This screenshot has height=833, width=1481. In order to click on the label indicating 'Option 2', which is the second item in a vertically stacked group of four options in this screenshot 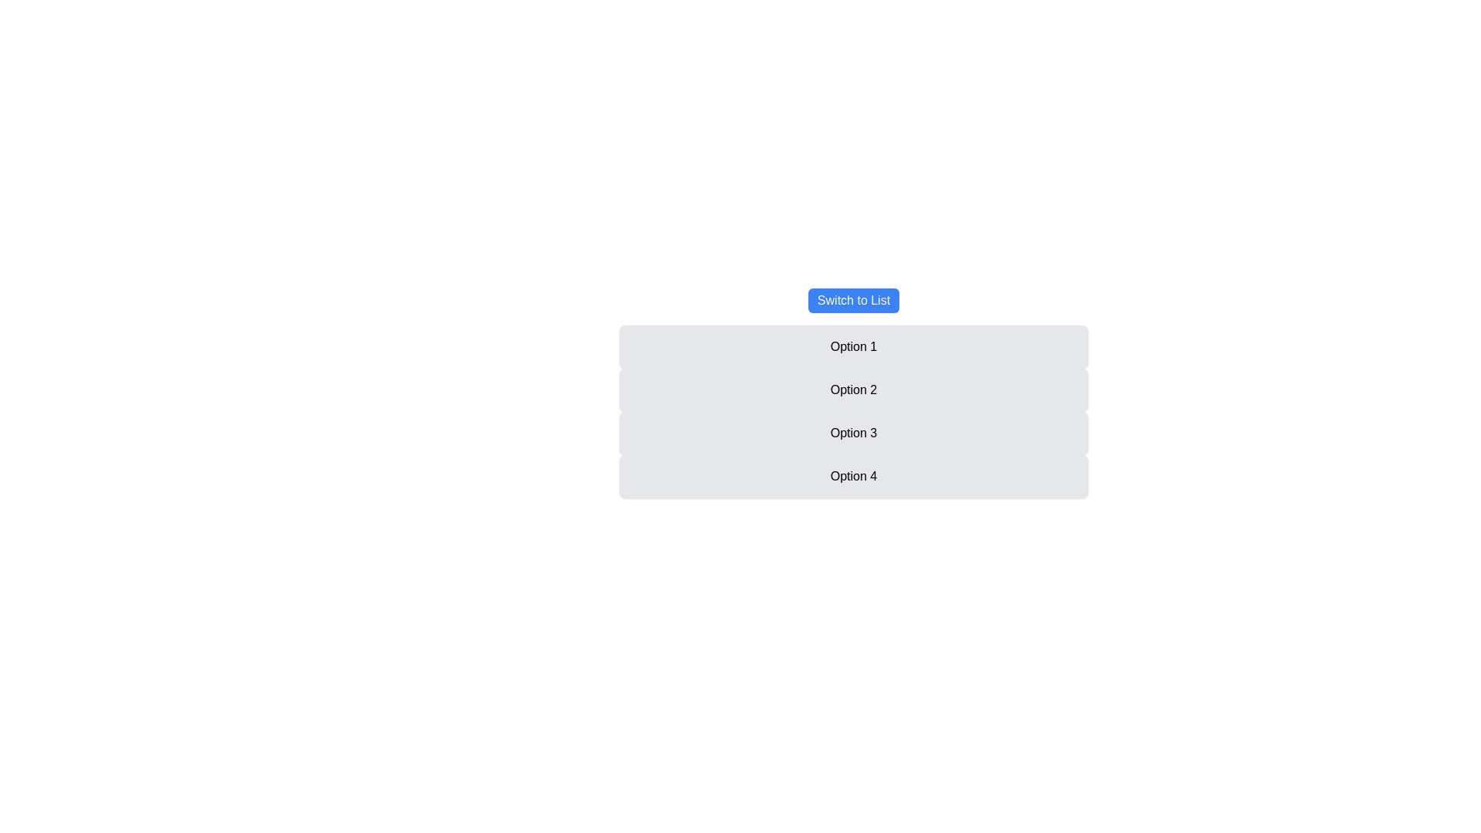, I will do `click(853, 389)`.